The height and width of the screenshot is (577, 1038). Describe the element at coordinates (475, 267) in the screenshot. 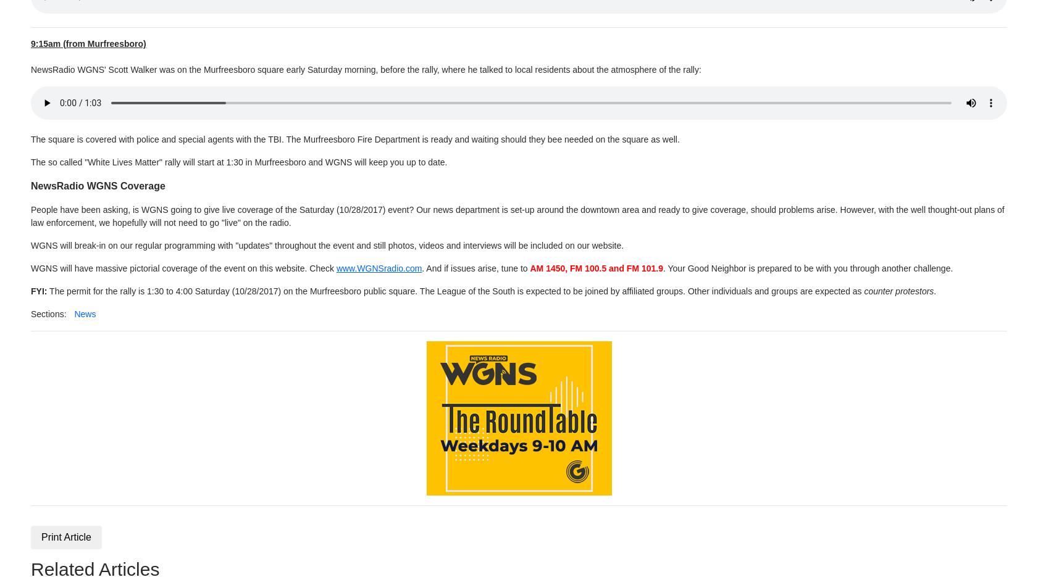

I see `'. And if issues arise, tune to'` at that location.